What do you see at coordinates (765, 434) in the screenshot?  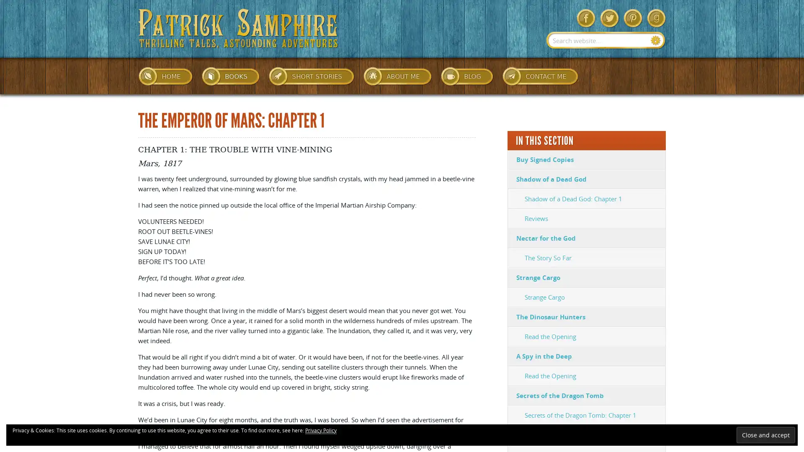 I see `Close and accept` at bounding box center [765, 434].